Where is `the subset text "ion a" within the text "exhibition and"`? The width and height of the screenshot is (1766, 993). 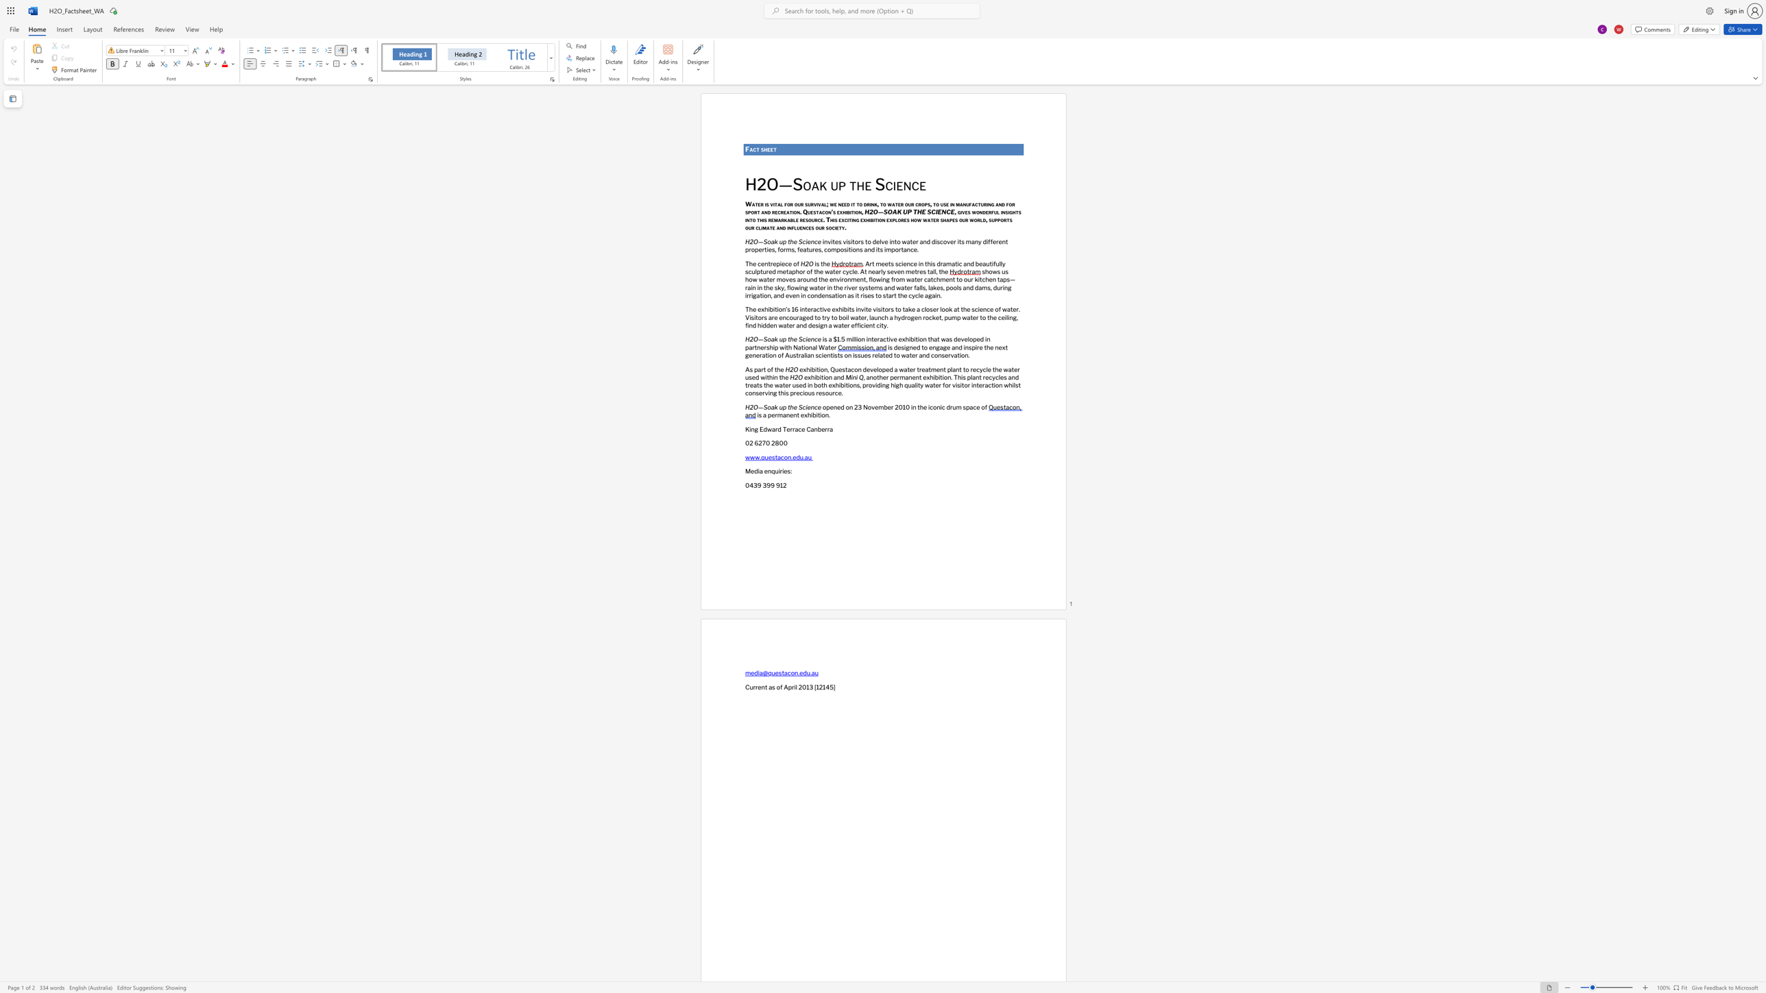 the subset text "ion a" within the text "exhibition and" is located at coordinates (823, 376).